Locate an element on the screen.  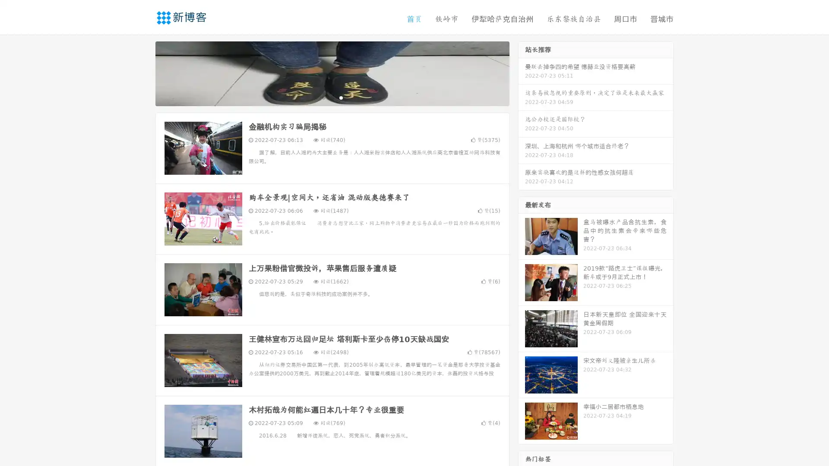
Previous slide is located at coordinates (142, 72).